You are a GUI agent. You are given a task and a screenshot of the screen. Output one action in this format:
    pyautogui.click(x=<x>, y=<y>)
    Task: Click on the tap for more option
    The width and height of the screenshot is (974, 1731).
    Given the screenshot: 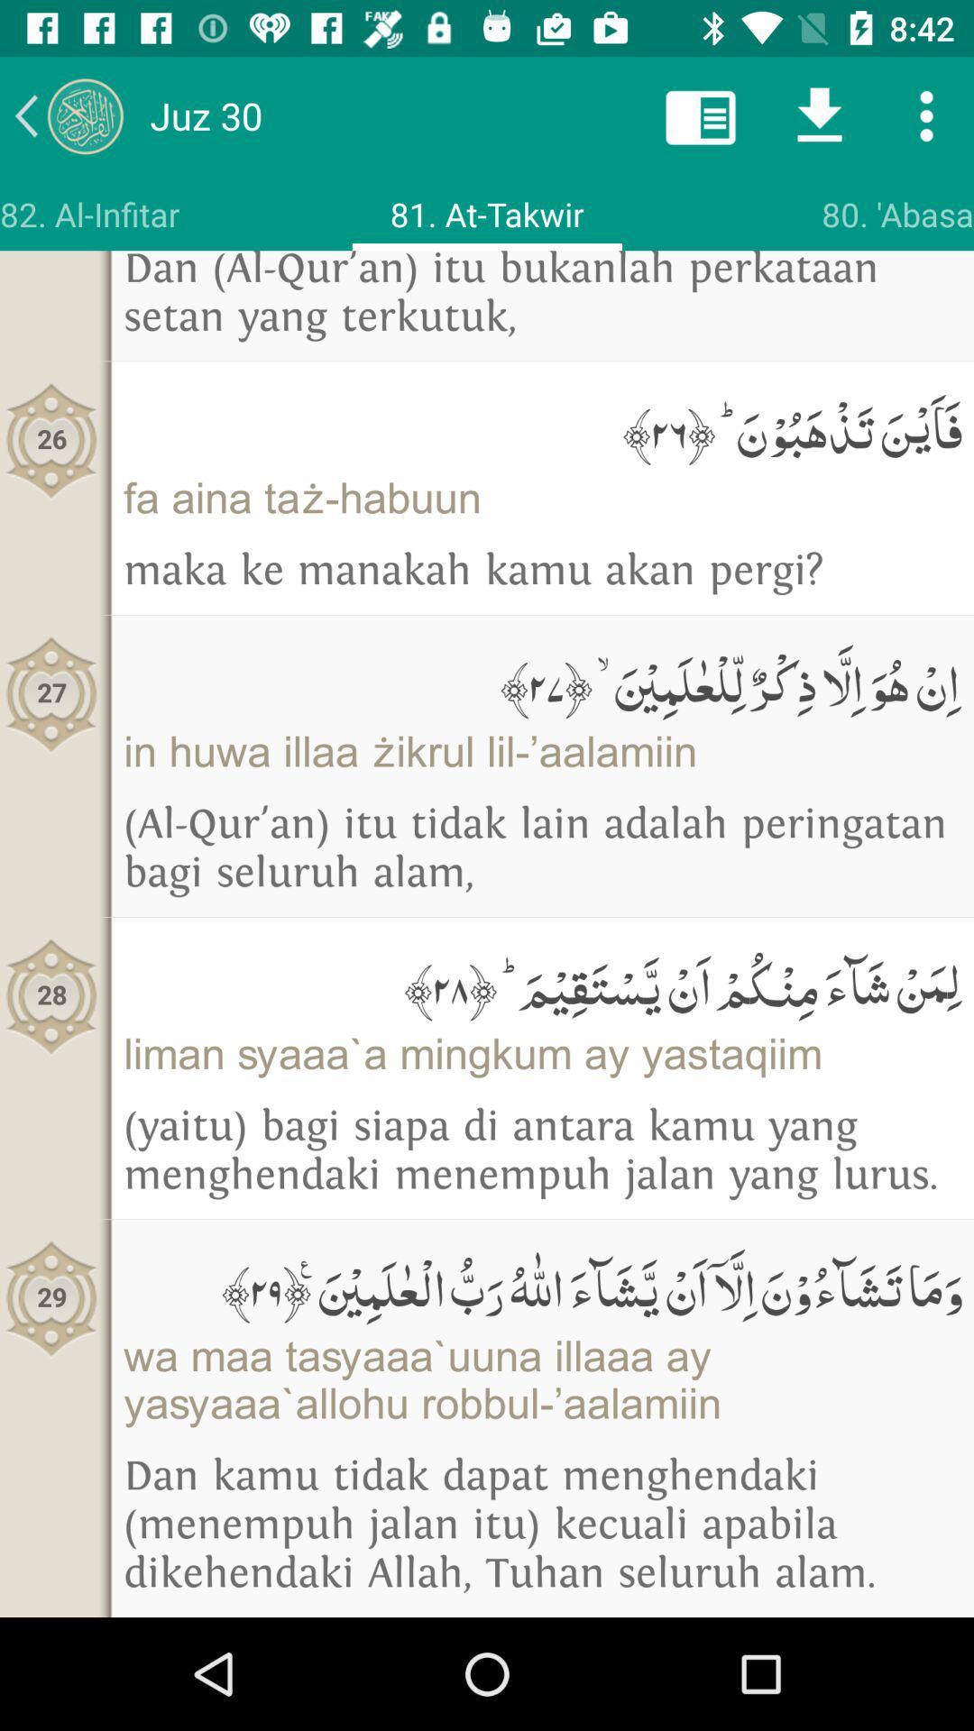 What is the action you would take?
    pyautogui.click(x=926, y=114)
    